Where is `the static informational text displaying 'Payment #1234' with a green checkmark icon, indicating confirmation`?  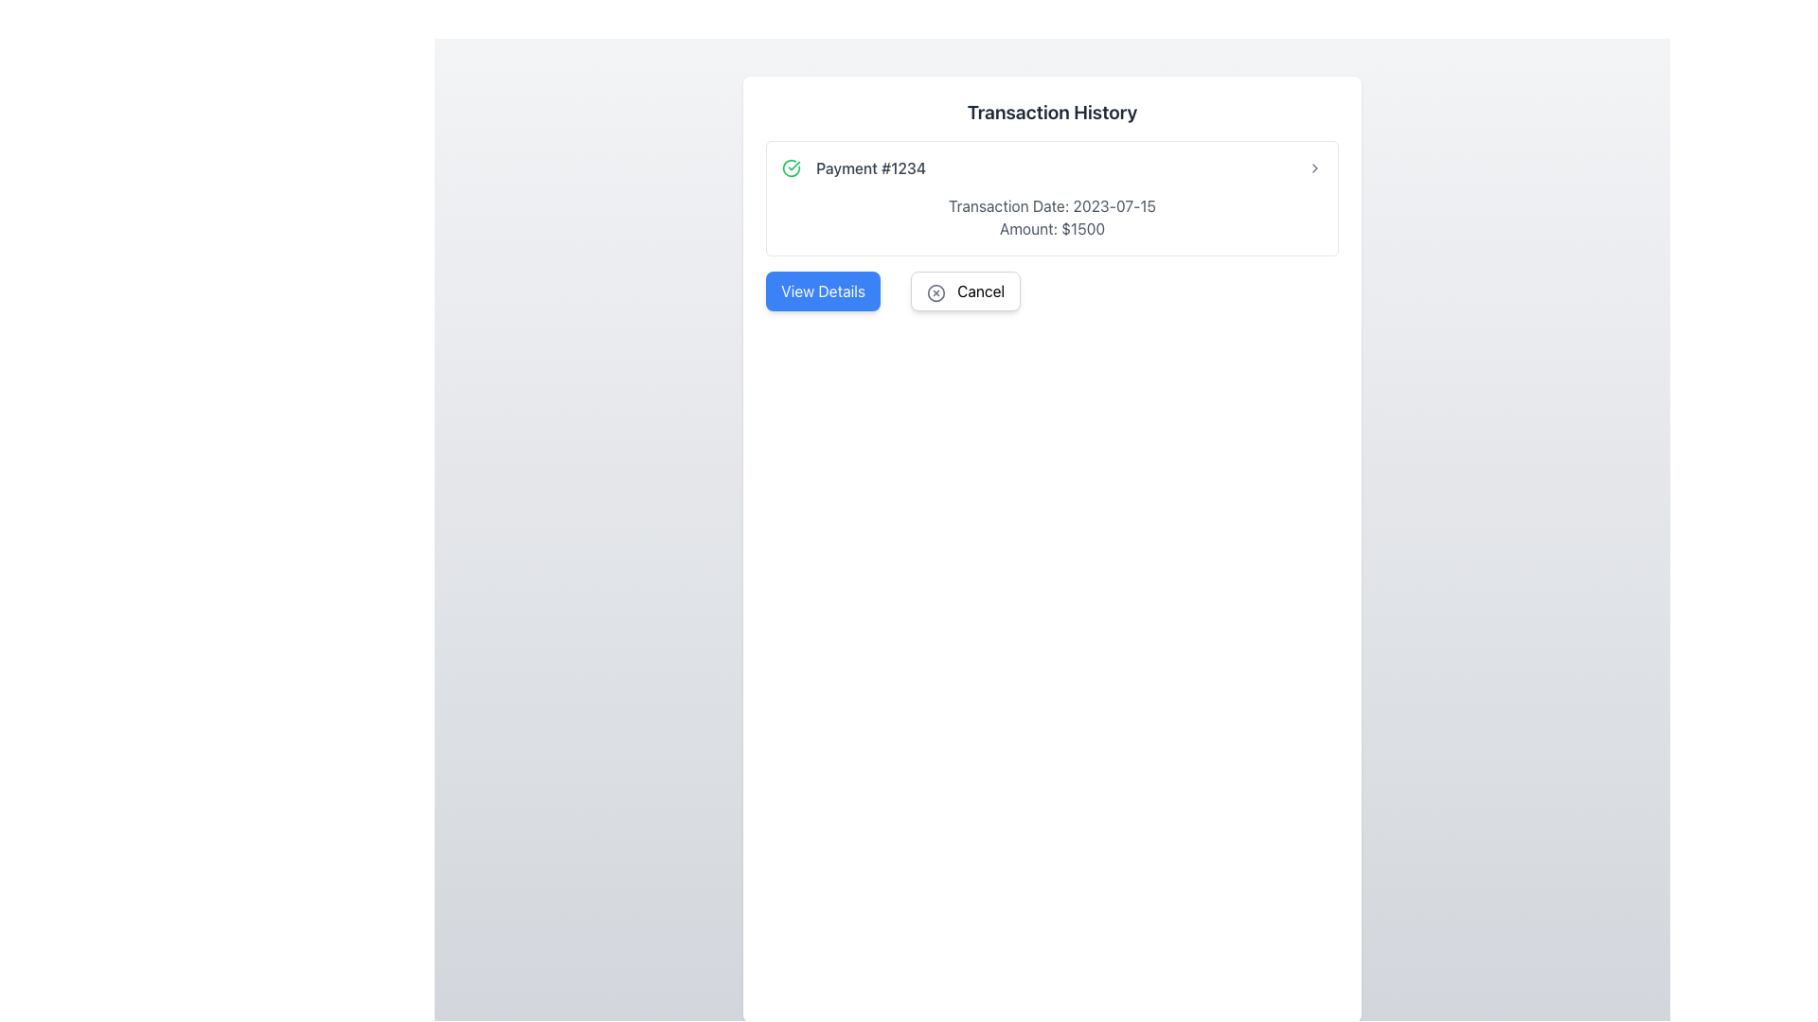
the static informational text displaying 'Payment #1234' with a green checkmark icon, indicating confirmation is located at coordinates (853, 167).